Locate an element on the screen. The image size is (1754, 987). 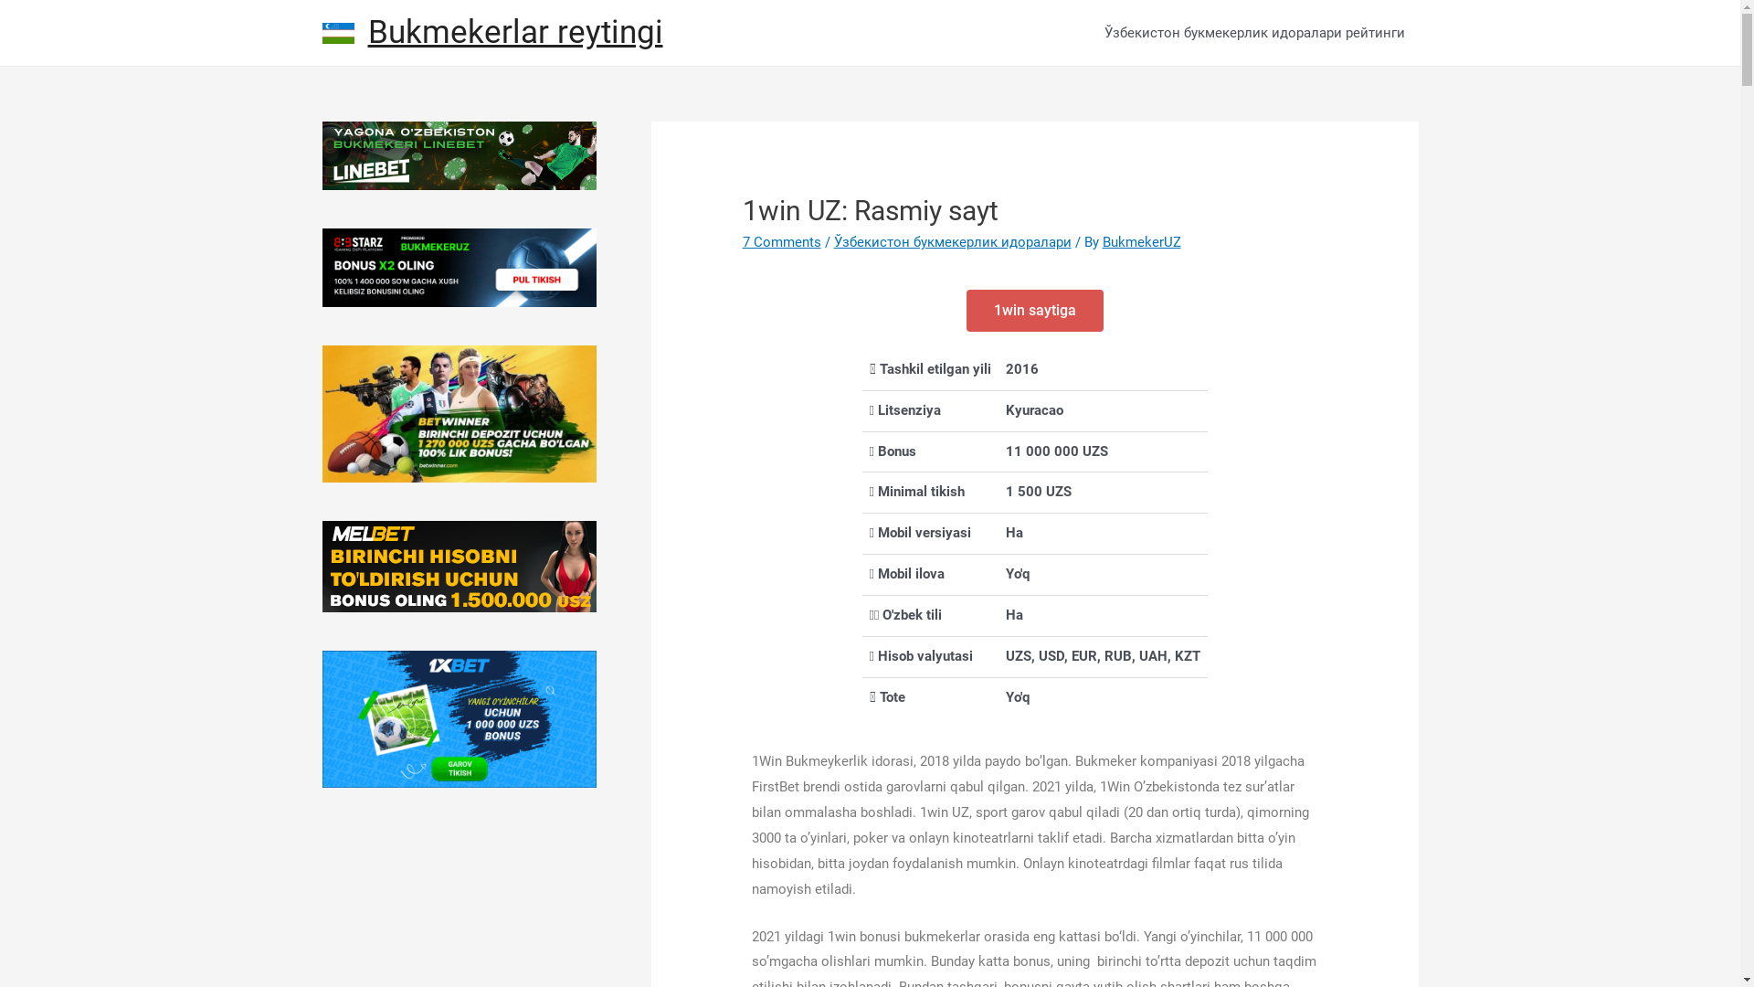
'888starz' is located at coordinates (459, 268).